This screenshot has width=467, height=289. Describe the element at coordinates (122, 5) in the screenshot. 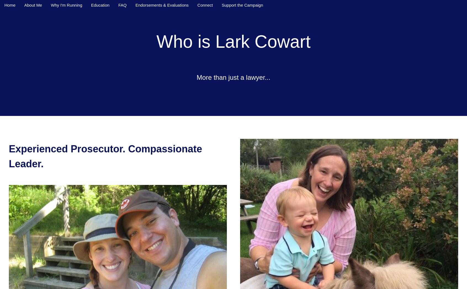

I see `'FAQ'` at that location.